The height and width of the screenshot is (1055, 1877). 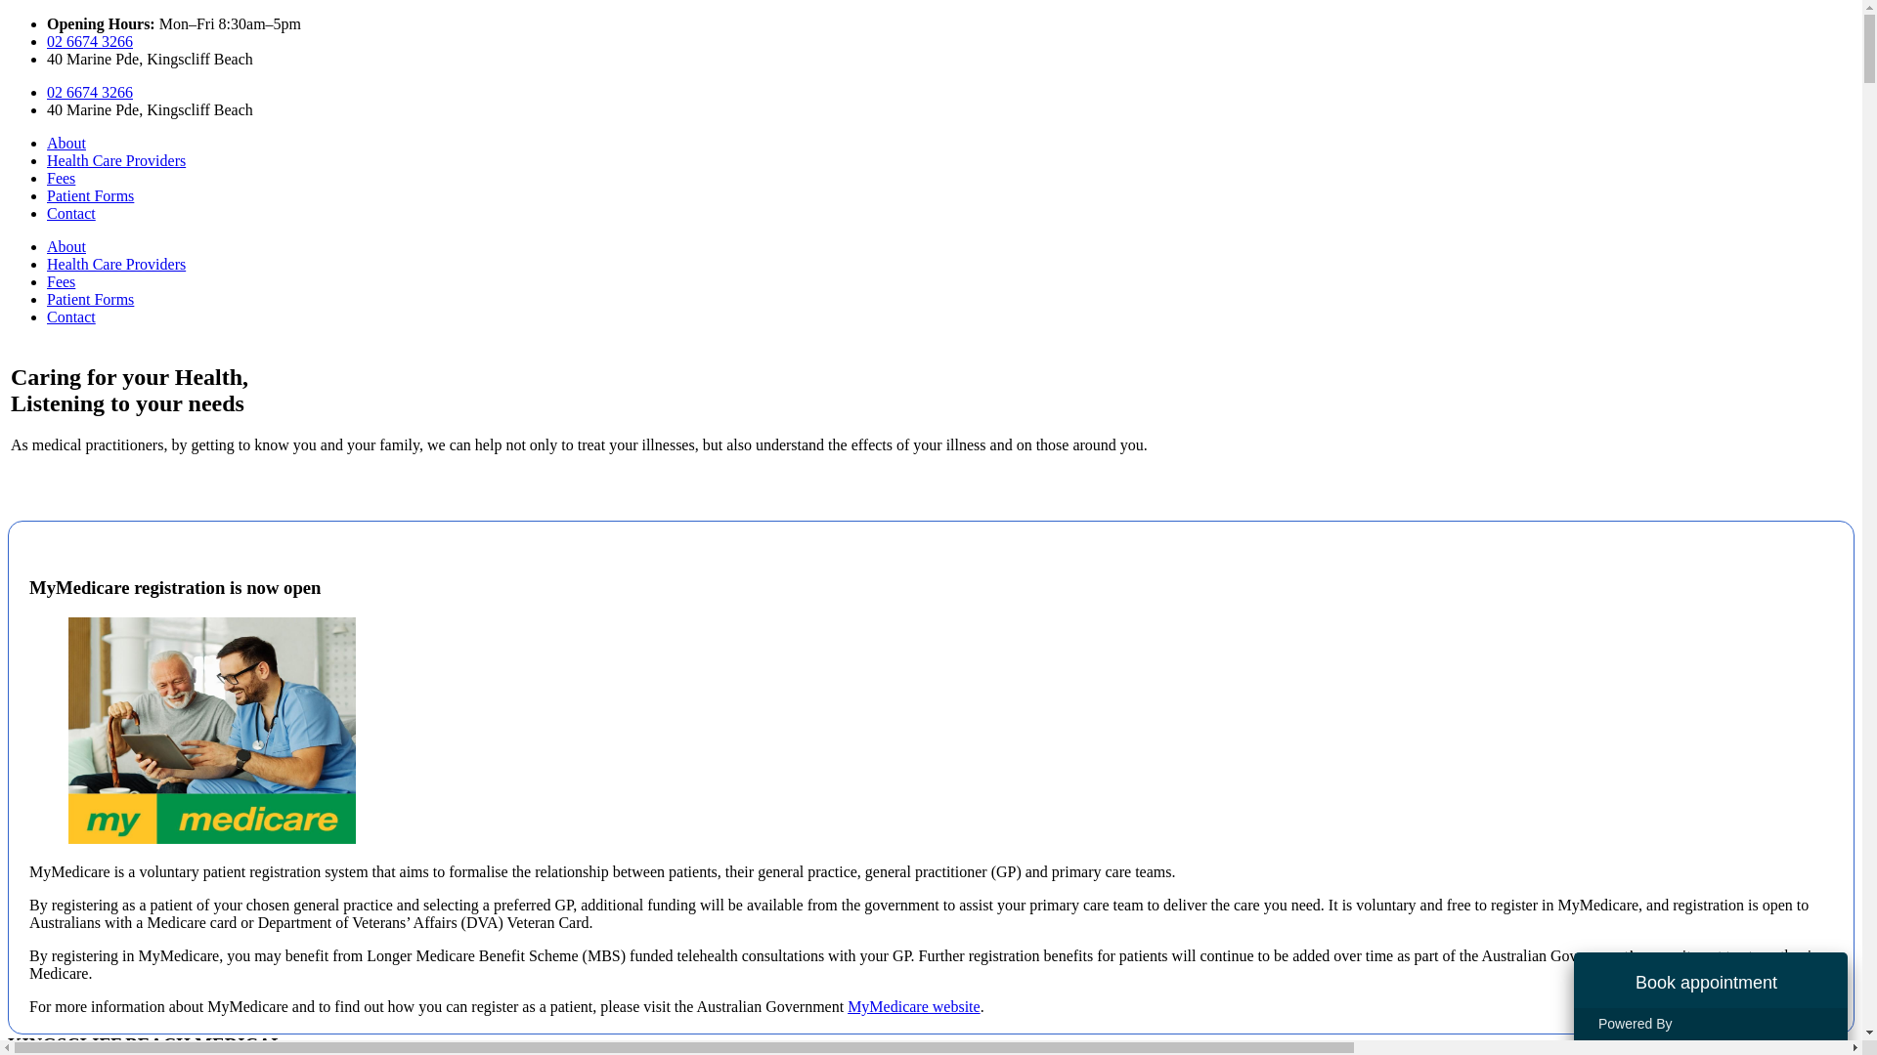 I want to click on '40 Marine Pde, Kingscliff Beach', so click(x=149, y=58).